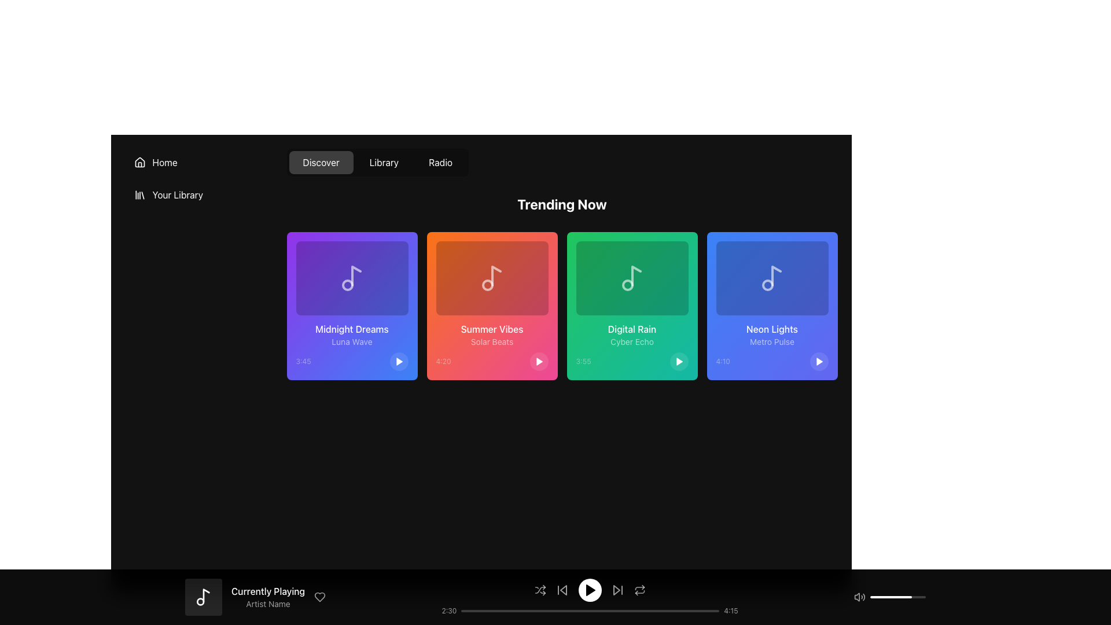 Image resolution: width=1111 pixels, height=625 pixels. What do you see at coordinates (772, 329) in the screenshot?
I see `the text label displaying 'Neon Lights', which is styled with a white medium-weight font and positioned above 'Metro Pulse' in the fourth card of the 'Trending Now' section` at bounding box center [772, 329].